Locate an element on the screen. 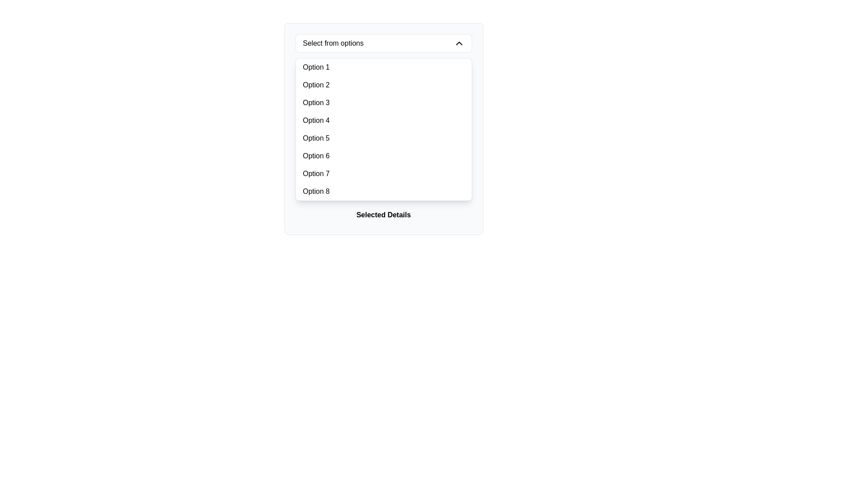  text from the label positioned inside the dropdown menu header, located to the left of the downward-facing arrow icon is located at coordinates (332, 43).